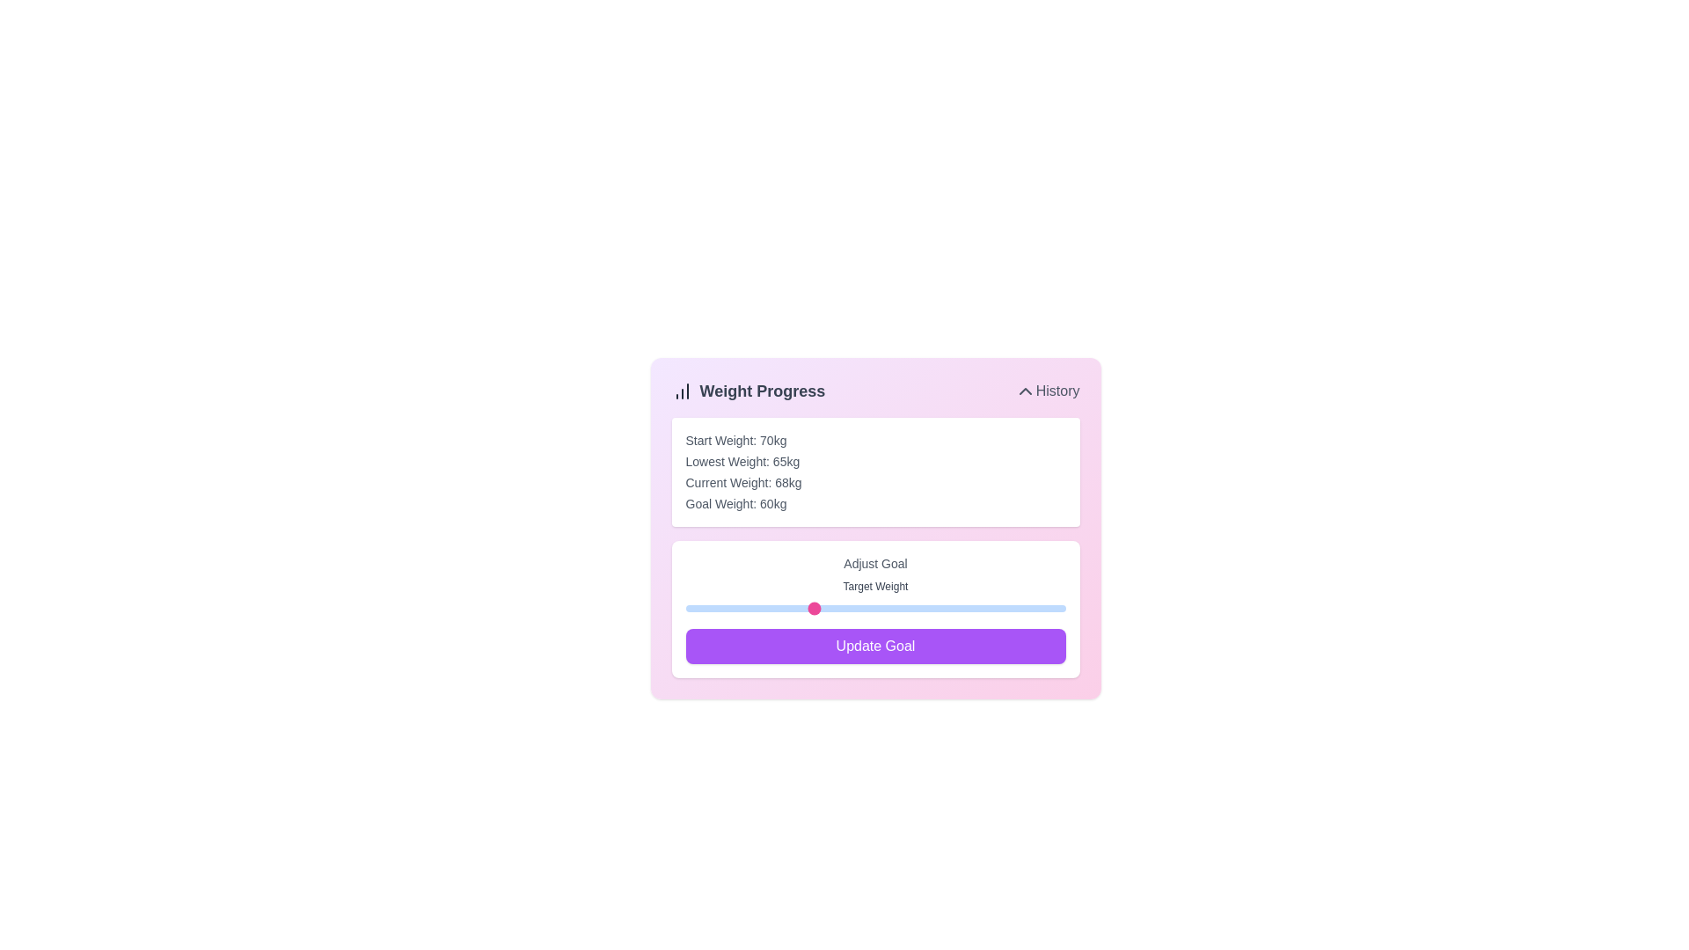 The height and width of the screenshot is (950, 1689). What do you see at coordinates (875, 647) in the screenshot?
I see `the 'Update Goal' button to submit the changes` at bounding box center [875, 647].